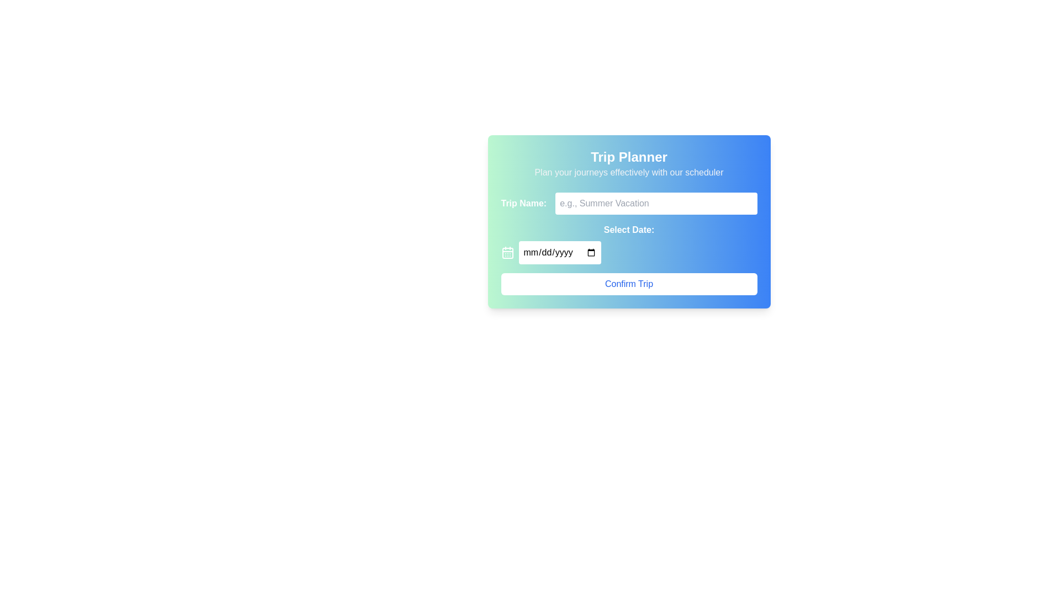 The height and width of the screenshot is (596, 1060). What do you see at coordinates (629, 284) in the screenshot?
I see `the button at the bottom of the 'Trip Planner' section to confirm the trip` at bounding box center [629, 284].